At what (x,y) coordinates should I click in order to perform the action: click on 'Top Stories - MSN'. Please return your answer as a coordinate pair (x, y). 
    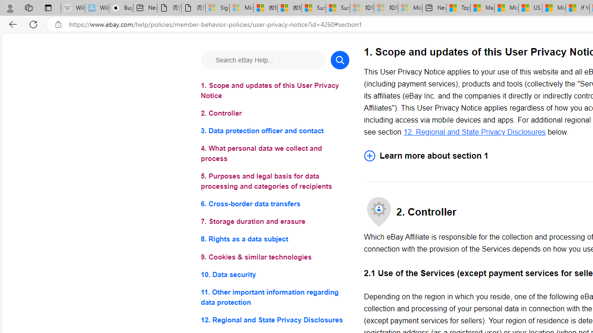
    Looking at the image, I should click on (458, 8).